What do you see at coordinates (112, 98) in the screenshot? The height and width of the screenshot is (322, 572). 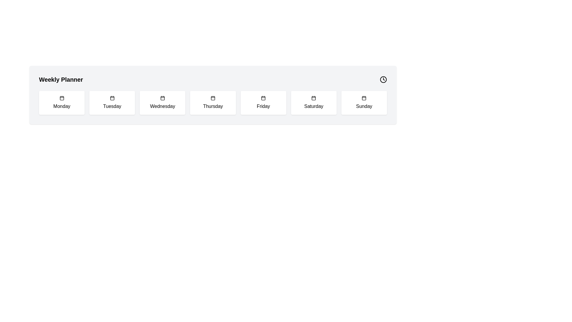 I see `the Decorative Icon Component, a small square with rounded corners, located within the Tuesday calendar icon in the weekday planner` at bounding box center [112, 98].